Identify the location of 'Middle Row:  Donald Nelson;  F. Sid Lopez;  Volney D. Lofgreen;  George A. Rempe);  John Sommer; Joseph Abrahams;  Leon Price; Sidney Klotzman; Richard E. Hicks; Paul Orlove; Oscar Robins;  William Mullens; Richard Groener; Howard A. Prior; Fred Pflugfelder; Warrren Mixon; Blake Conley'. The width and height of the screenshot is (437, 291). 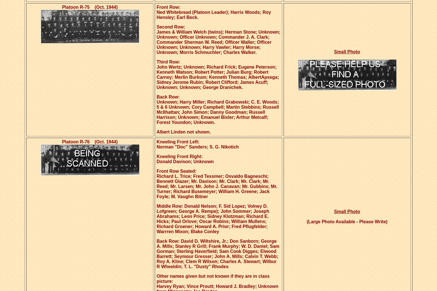
(213, 218).